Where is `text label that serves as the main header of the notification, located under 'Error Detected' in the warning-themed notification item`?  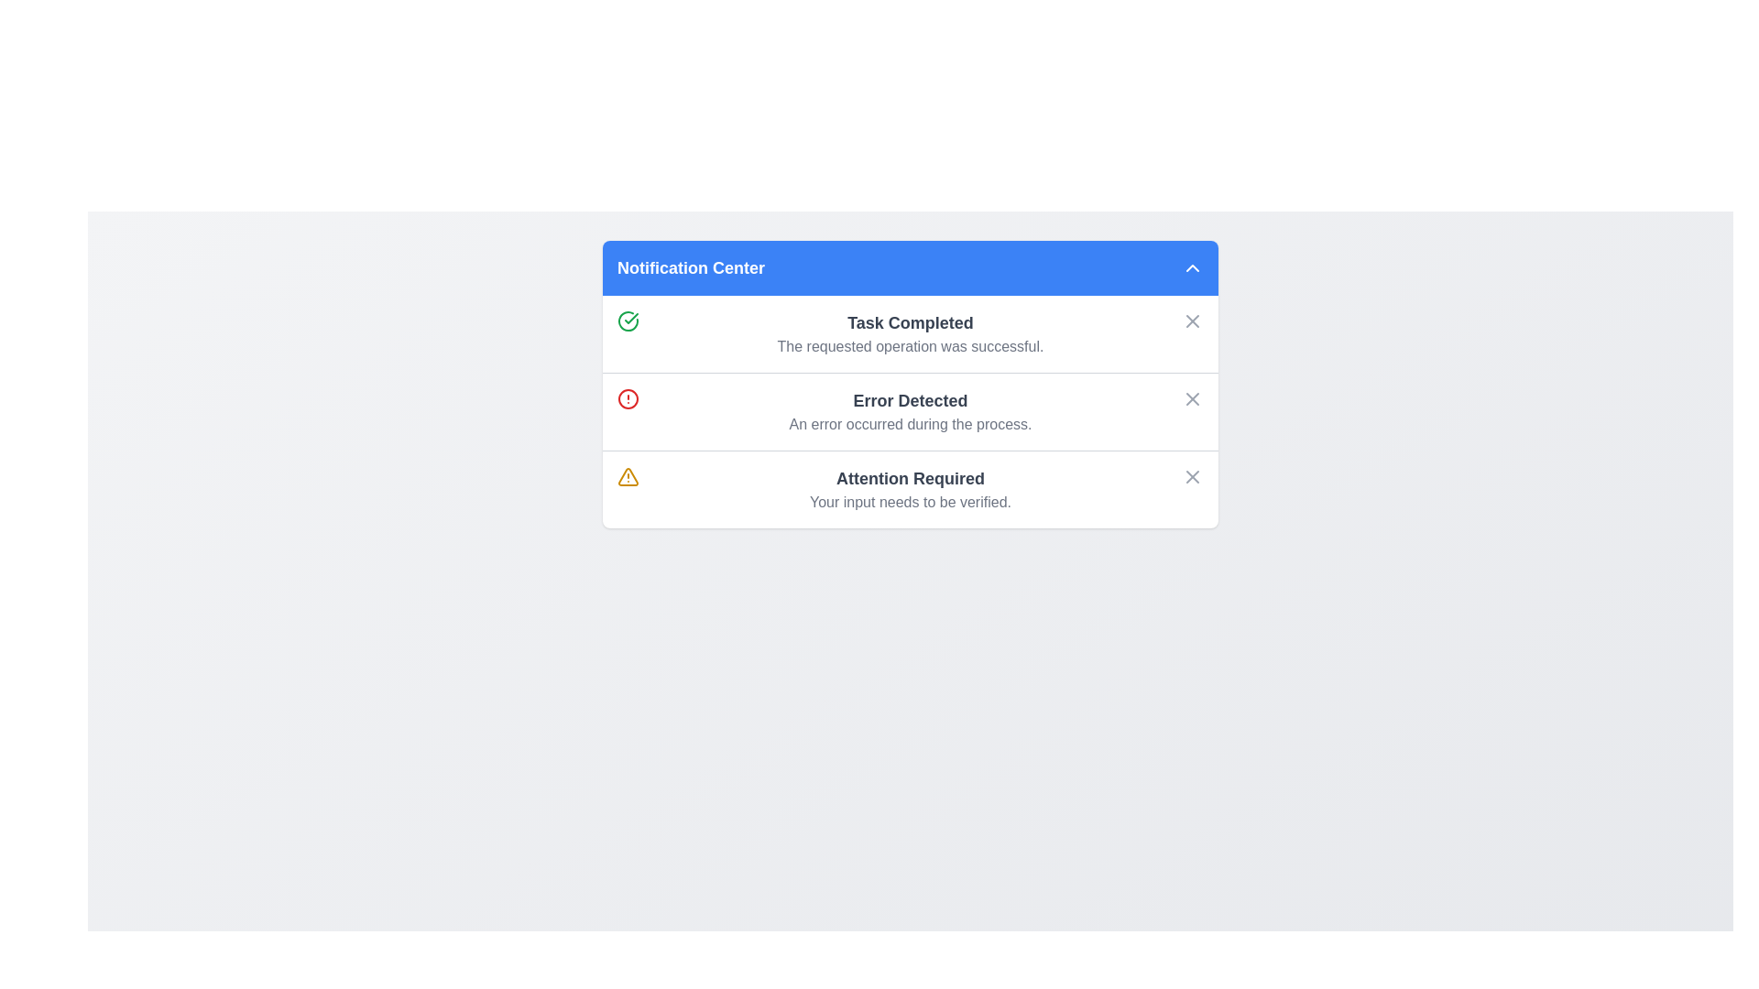
text label that serves as the main header of the notification, located under 'Error Detected' in the warning-themed notification item is located at coordinates (910, 478).